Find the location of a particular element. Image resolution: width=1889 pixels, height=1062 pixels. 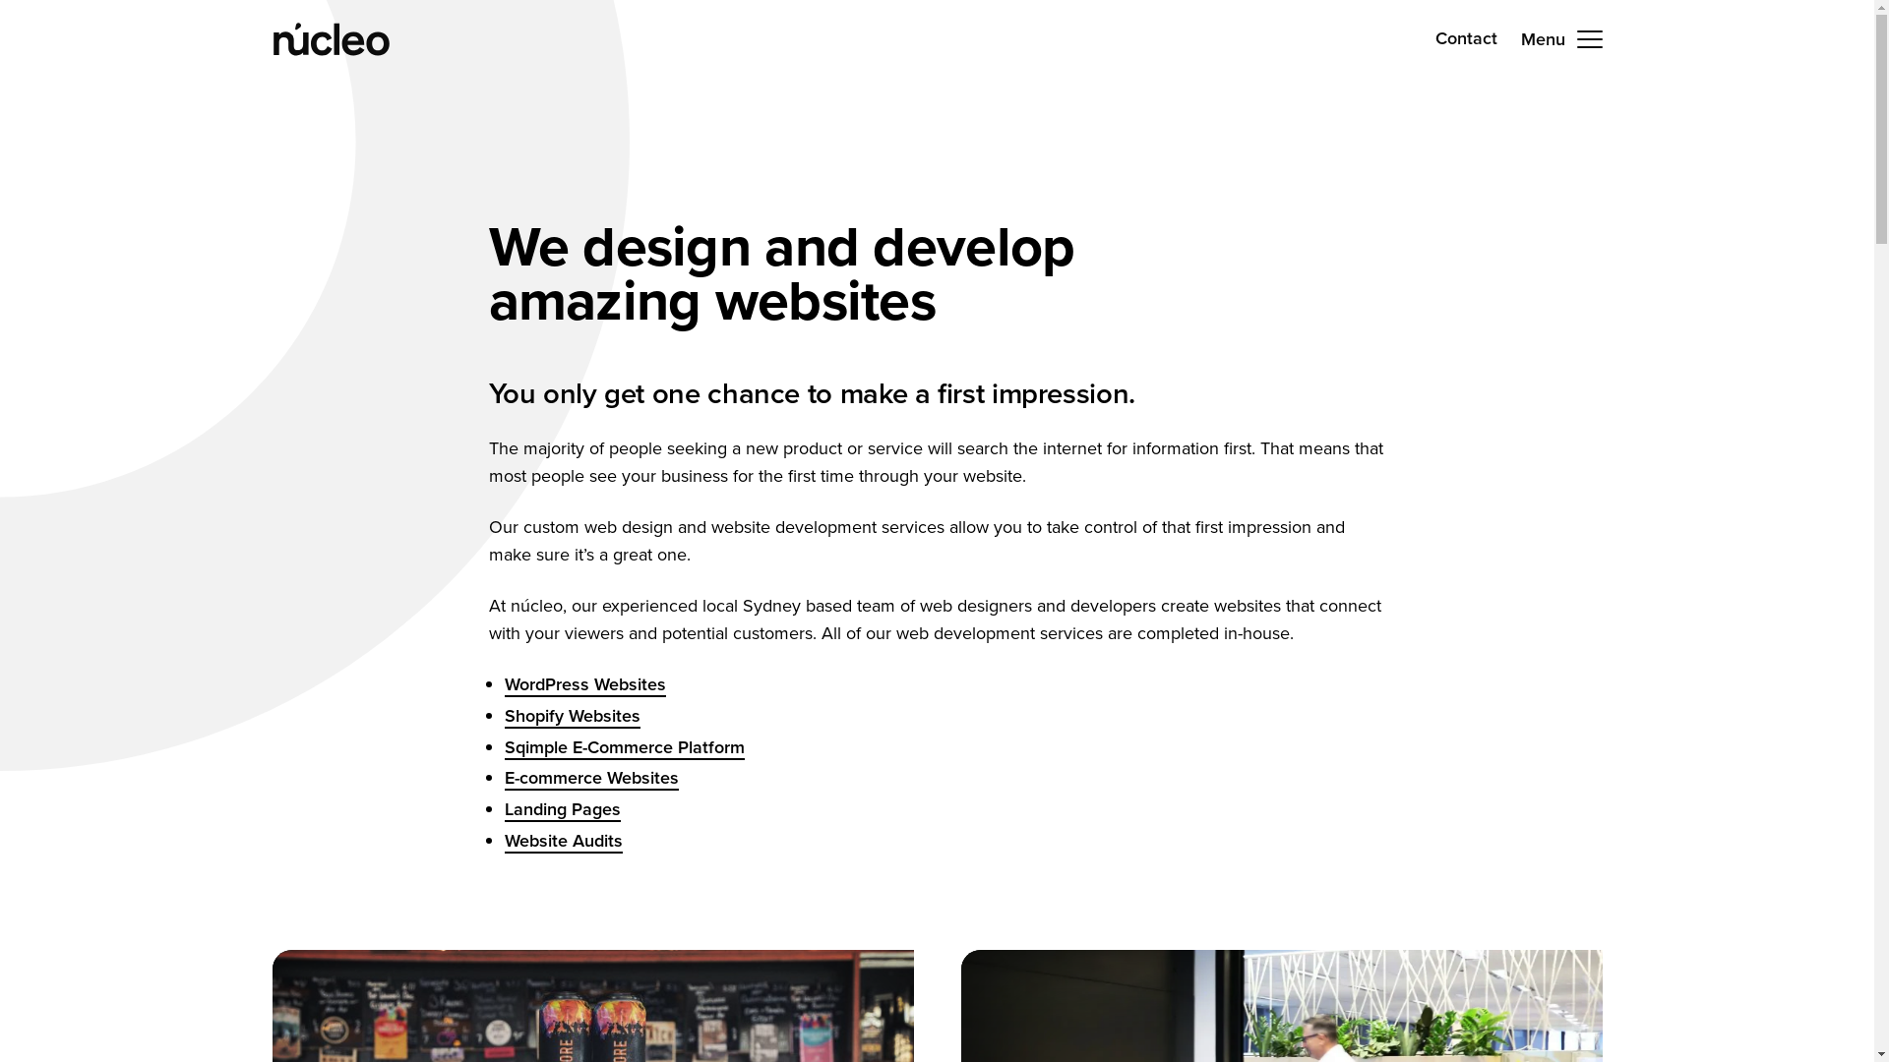

'Menu' is located at coordinates (1560, 38).